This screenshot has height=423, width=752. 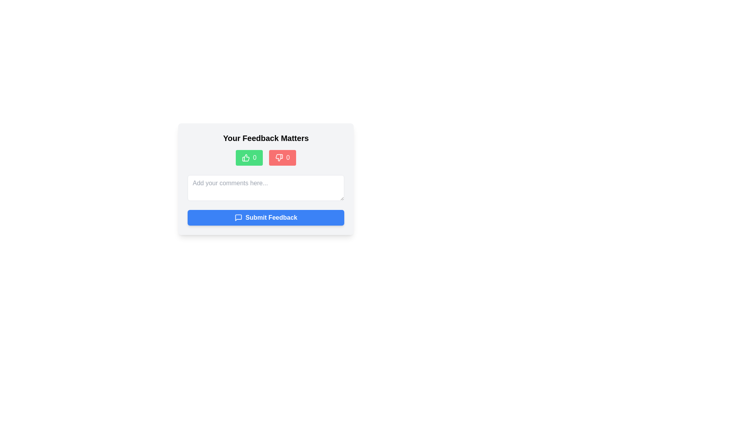 What do you see at coordinates (246, 157) in the screenshot?
I see `the green thumbs-up icon representing the 'Like' action` at bounding box center [246, 157].